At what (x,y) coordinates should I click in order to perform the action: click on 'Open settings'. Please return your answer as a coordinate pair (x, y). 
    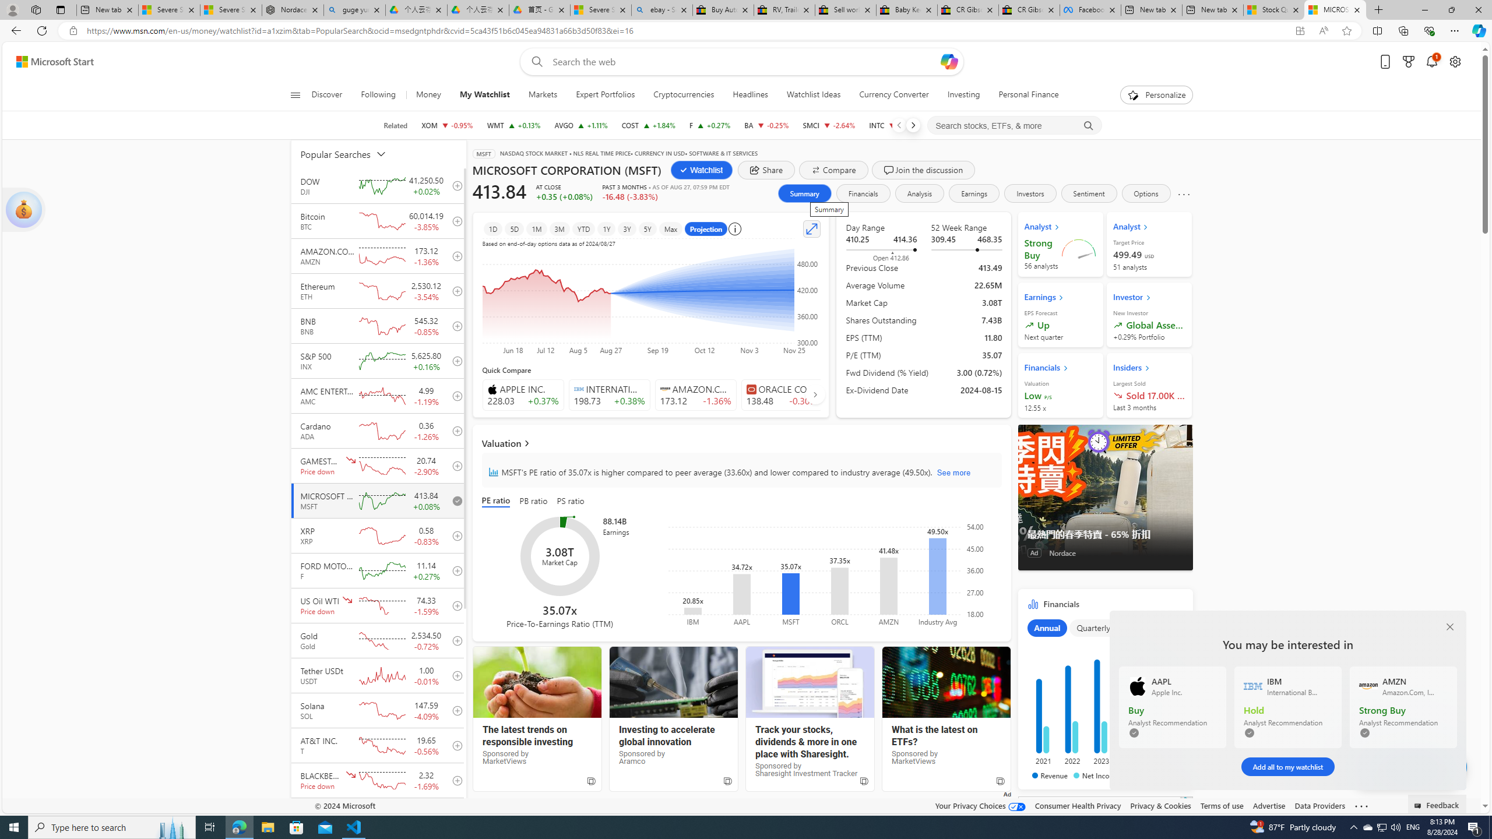
    Looking at the image, I should click on (1455, 62).